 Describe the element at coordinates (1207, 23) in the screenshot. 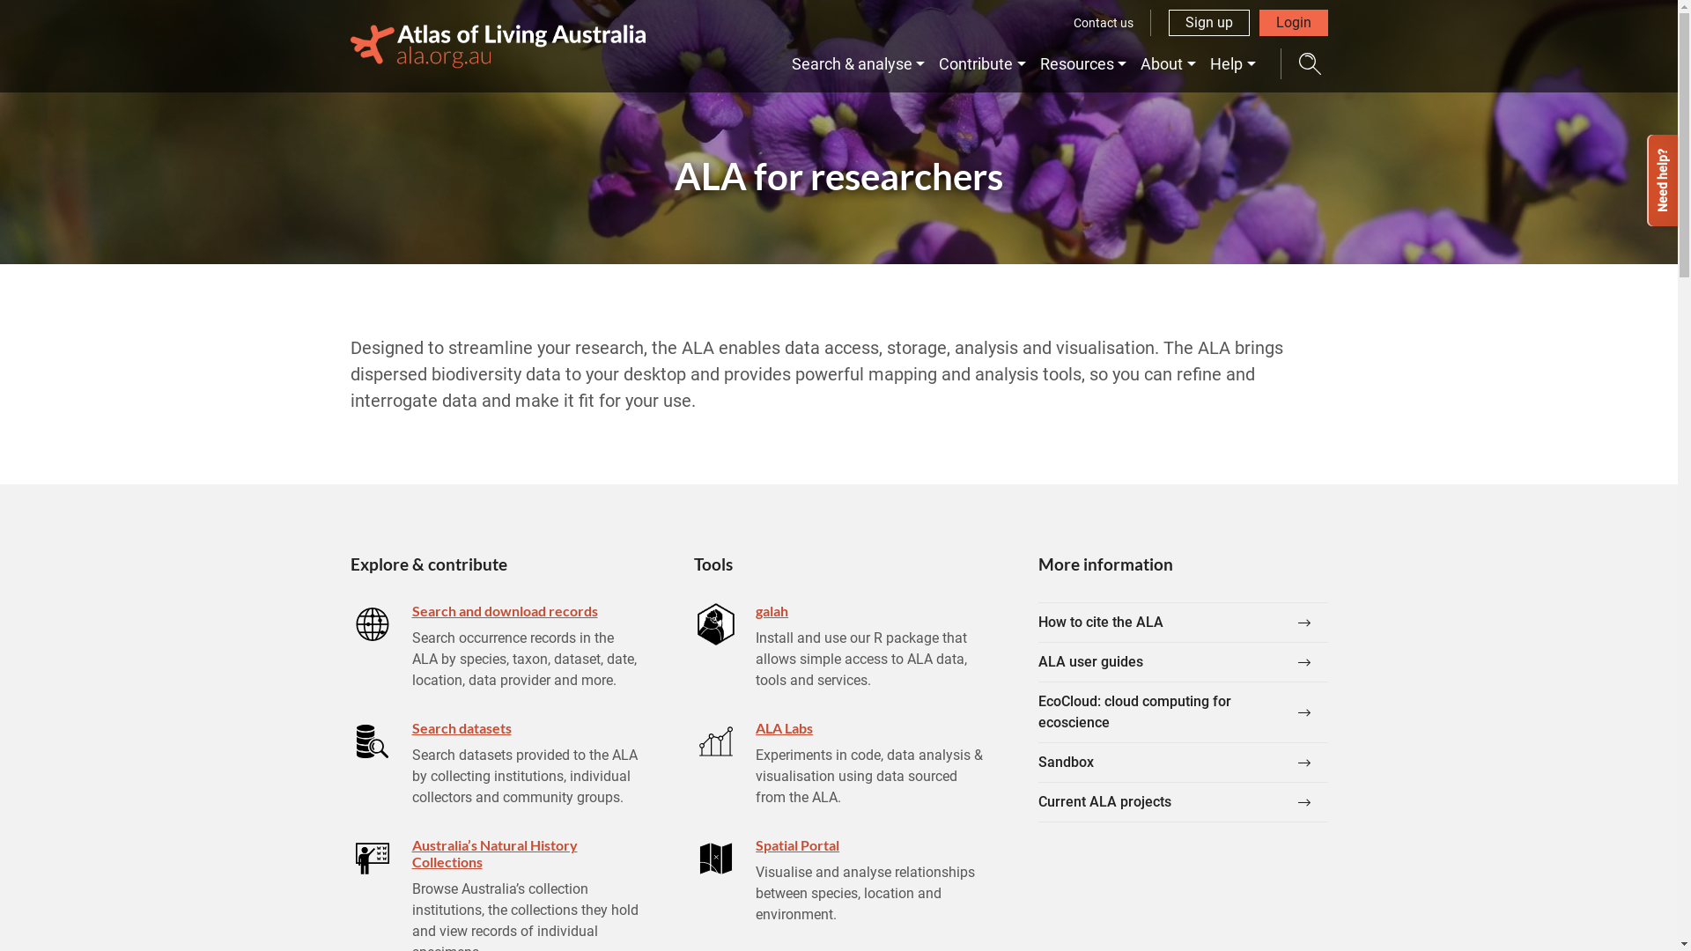

I see `'Sign up'` at that location.